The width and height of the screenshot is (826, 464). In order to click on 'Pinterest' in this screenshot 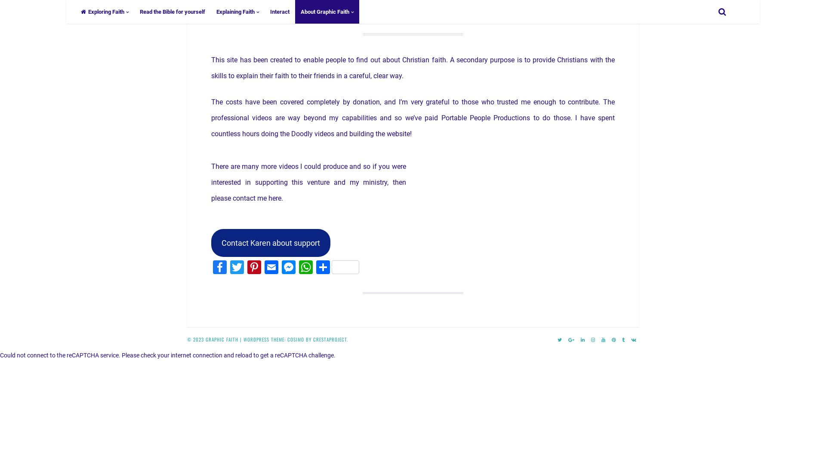, I will do `click(245, 268)`.